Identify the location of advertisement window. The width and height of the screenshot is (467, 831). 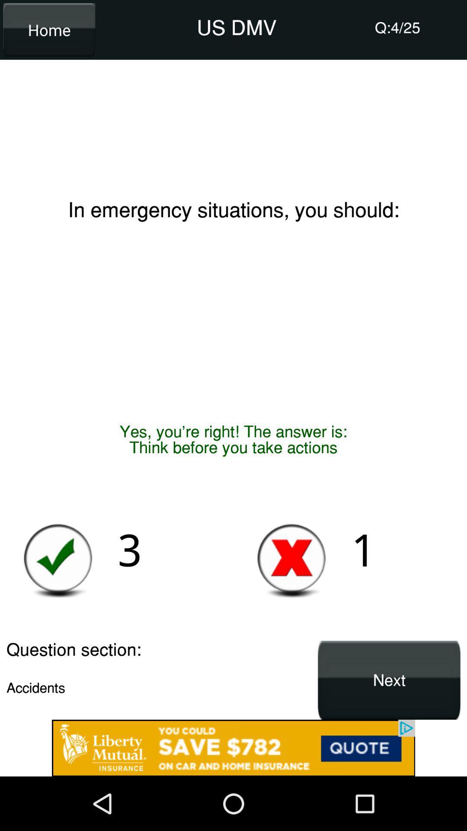
(233, 747).